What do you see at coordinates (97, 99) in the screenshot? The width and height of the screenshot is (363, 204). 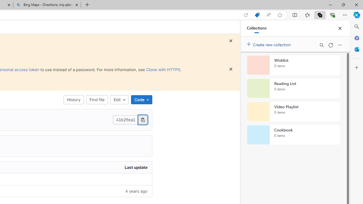 I see `'Find file'` at bounding box center [97, 99].